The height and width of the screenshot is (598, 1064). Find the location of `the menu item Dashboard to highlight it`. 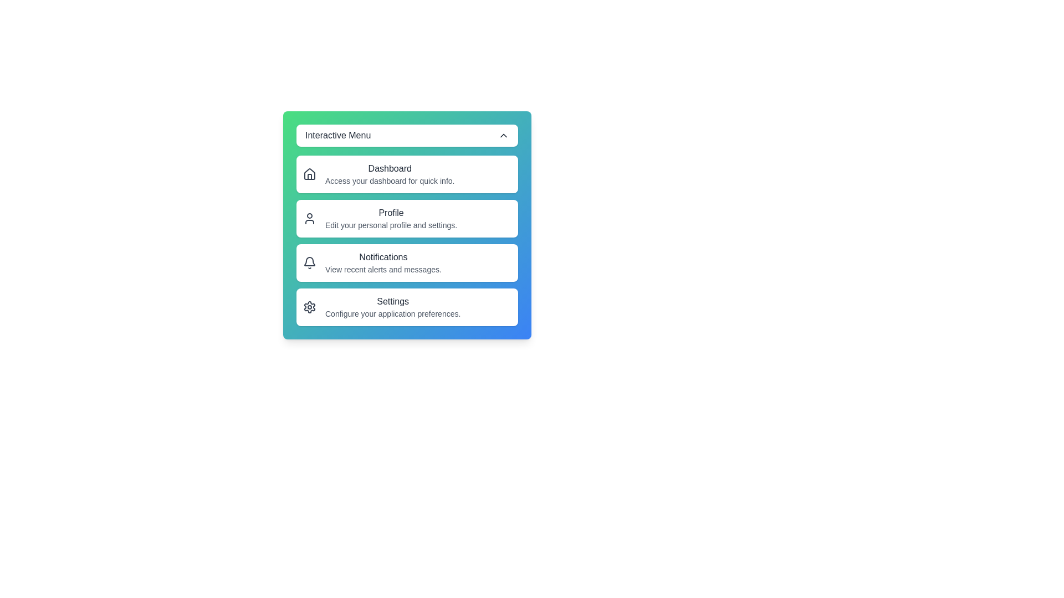

the menu item Dashboard to highlight it is located at coordinates (406, 174).